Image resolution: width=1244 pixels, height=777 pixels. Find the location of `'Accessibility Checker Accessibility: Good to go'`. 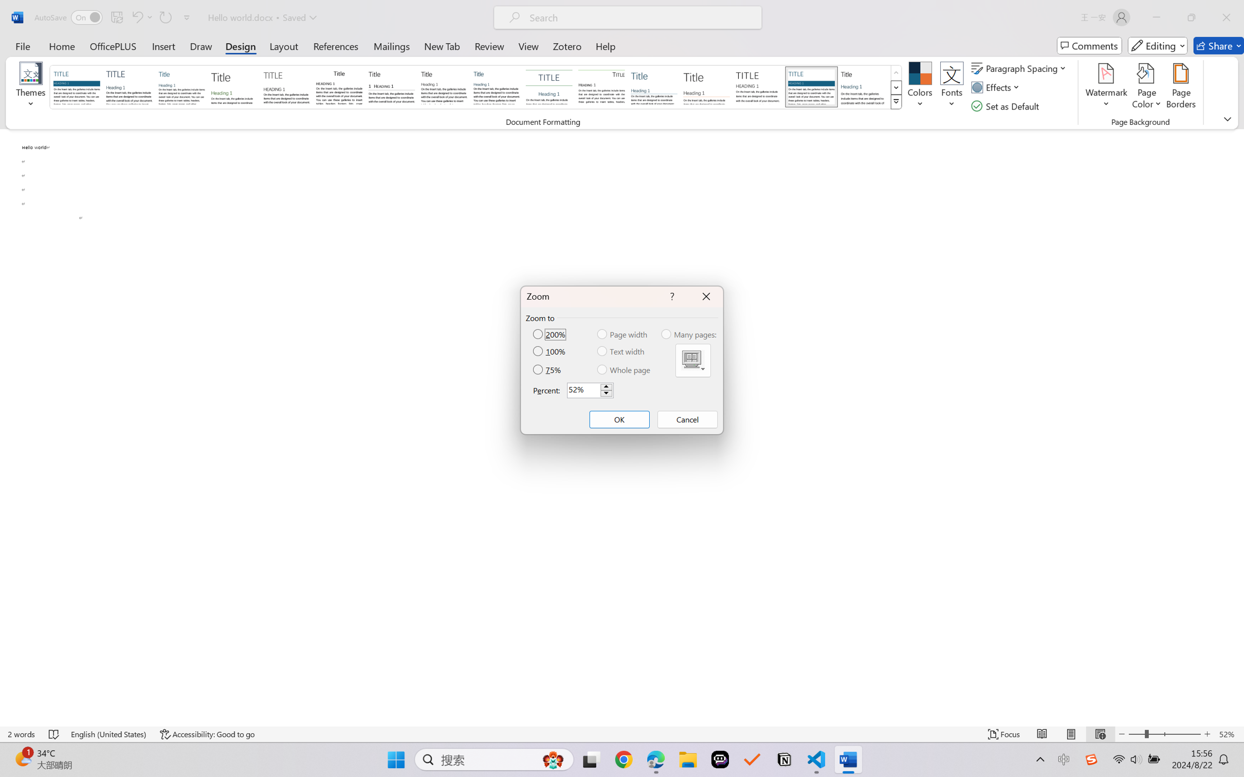

'Accessibility Checker Accessibility: Good to go' is located at coordinates (207, 734).